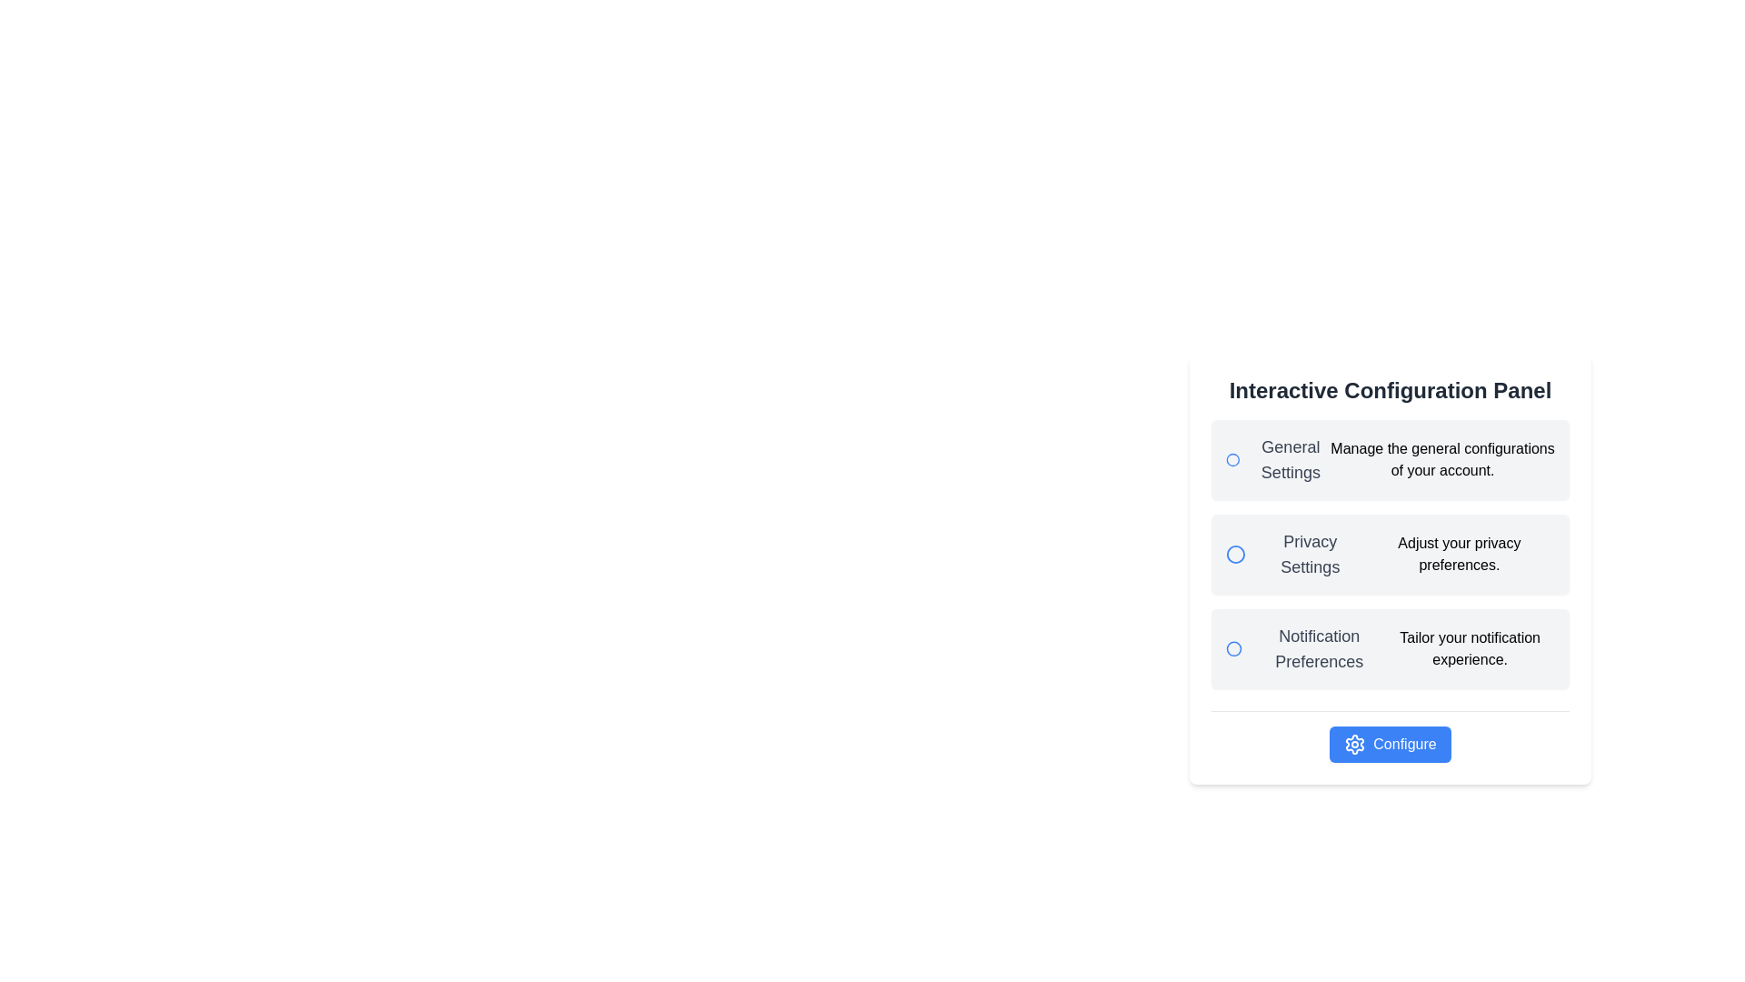 This screenshot has height=982, width=1745. What do you see at coordinates (1293, 553) in the screenshot?
I see `the 'Privacy Settings' label element located in the settings menu, which is the second option in the list of configuration choices` at bounding box center [1293, 553].